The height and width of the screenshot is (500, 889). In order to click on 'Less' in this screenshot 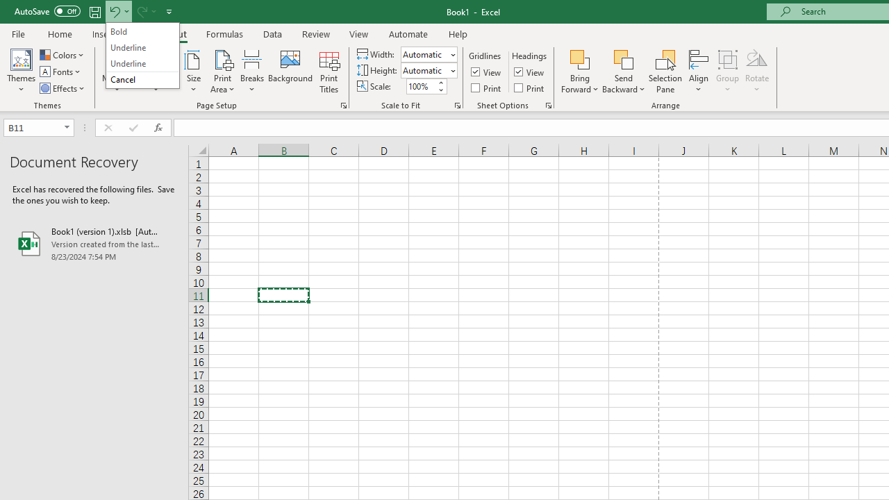, I will do `click(440, 90)`.